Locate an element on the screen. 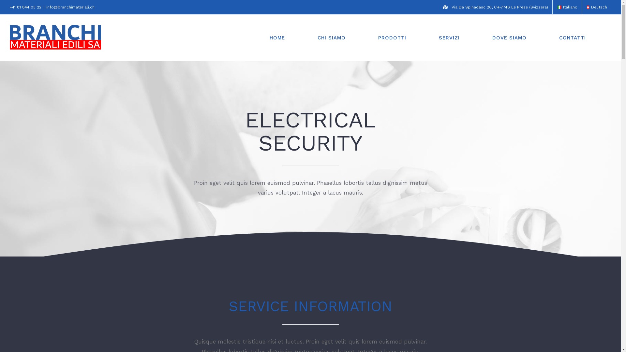 This screenshot has width=626, height=352. 'CONTATTI' is located at coordinates (572, 37).